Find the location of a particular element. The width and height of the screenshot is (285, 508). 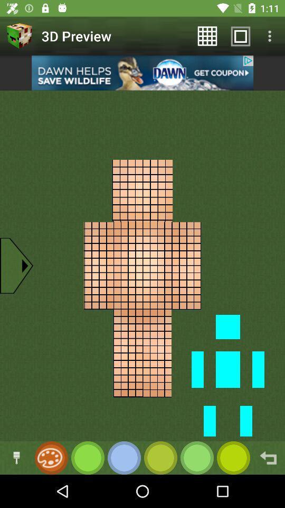

brush tool selector is located at coordinates (16, 457).